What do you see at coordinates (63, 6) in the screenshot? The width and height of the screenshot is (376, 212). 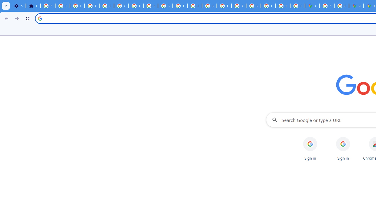 I see `'Delete photos & videos - Computer - Google Photos Help'` at bounding box center [63, 6].